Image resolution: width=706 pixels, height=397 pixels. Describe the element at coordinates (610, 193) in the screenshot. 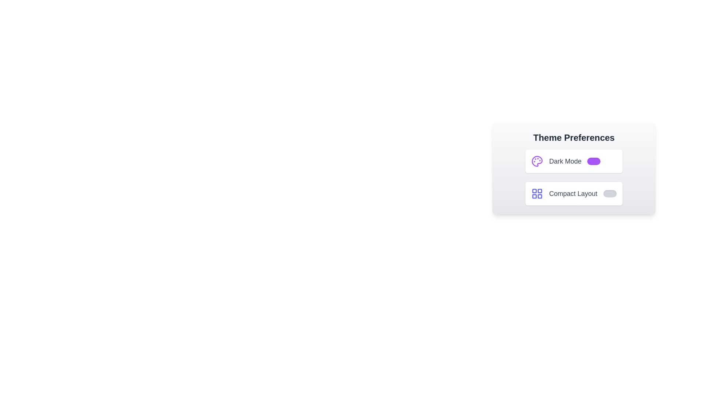

I see `the 'Compact Layout' switch to toggle its state` at that location.